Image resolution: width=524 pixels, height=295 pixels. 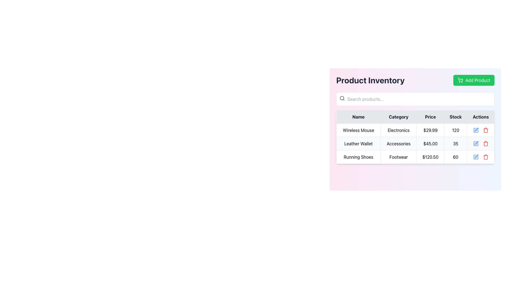 I want to click on the shopping cart icon located on the left side of the 'Add Product' button in the top-right corner of the interface, so click(x=460, y=80).